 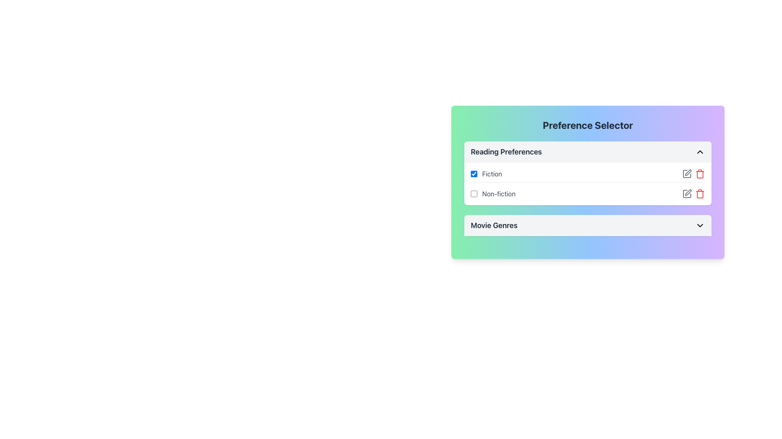 I want to click on the stylized pen icon button located near the right edge of the 'Fiction' preference in the 'Reading Preferences' section of the 'Preference Selector', so click(x=688, y=172).